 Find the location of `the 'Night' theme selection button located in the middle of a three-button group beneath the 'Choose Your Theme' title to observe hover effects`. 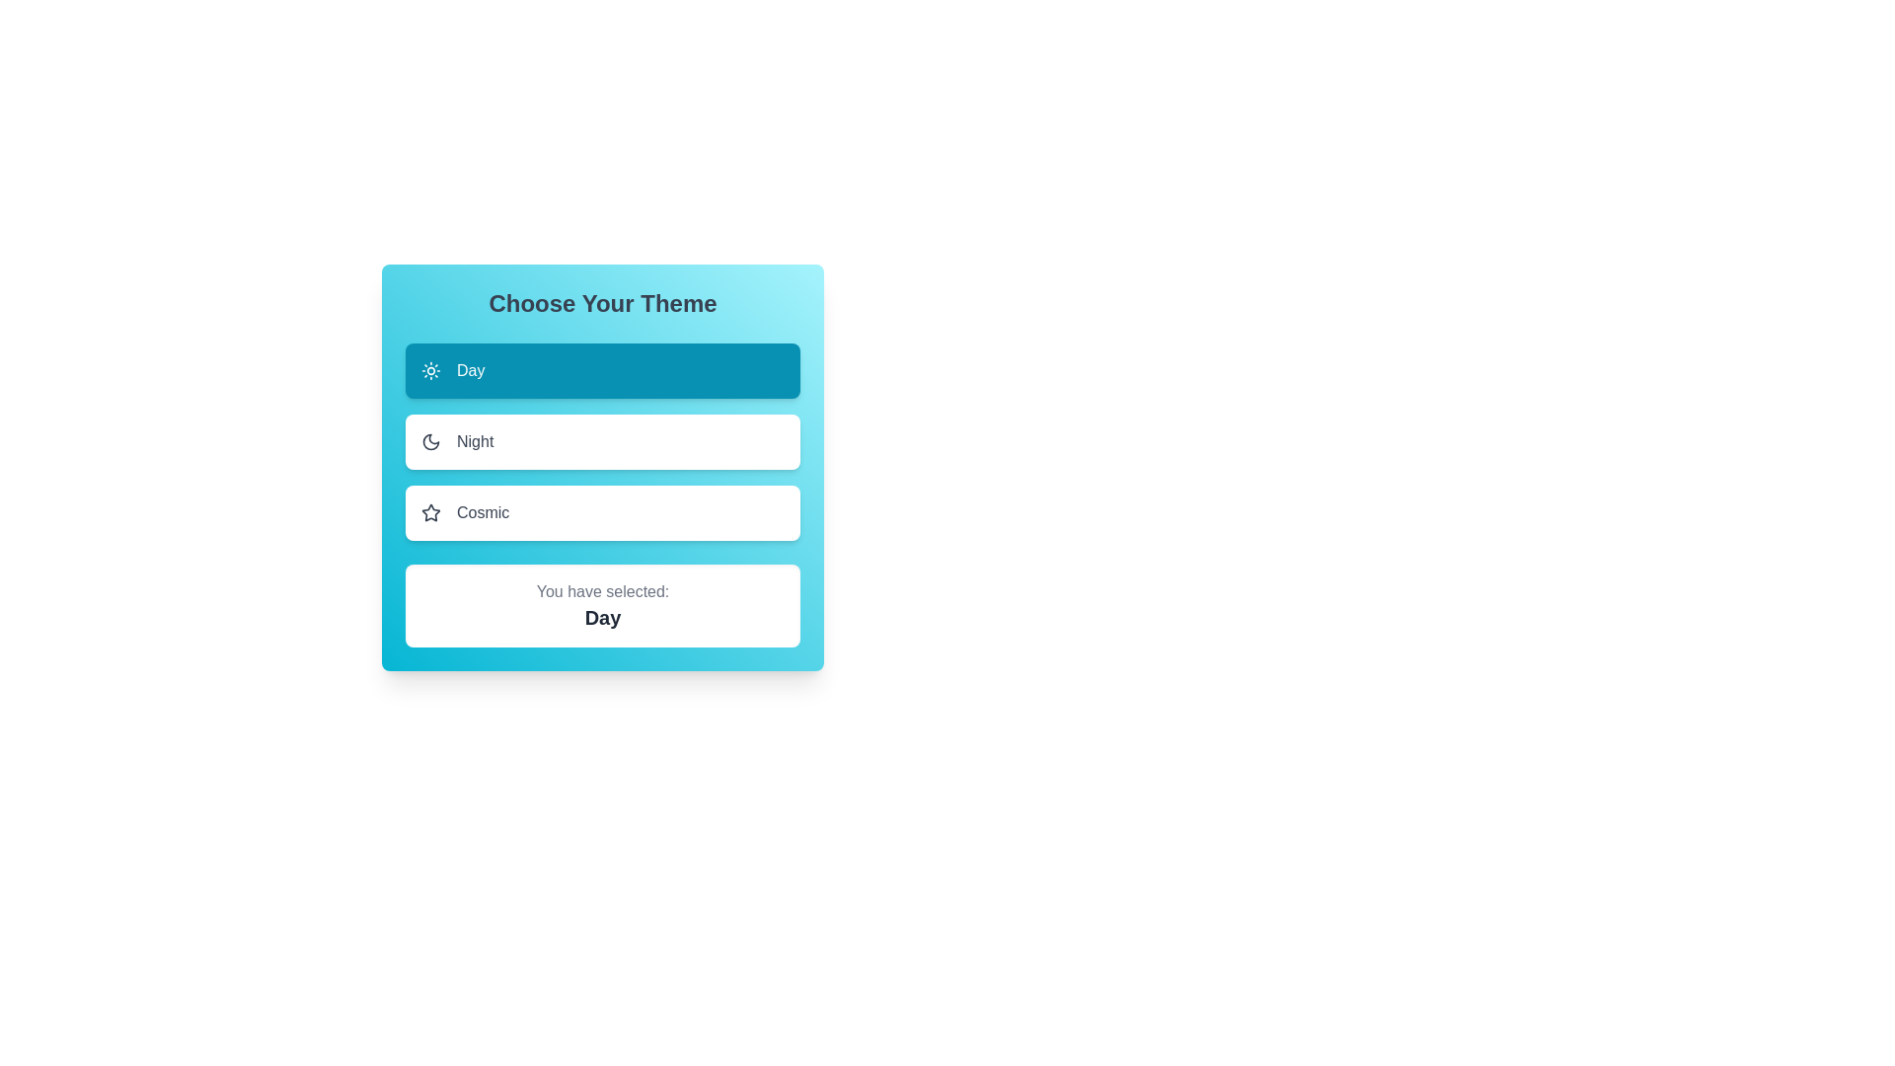

the 'Night' theme selection button located in the middle of a three-button group beneath the 'Choose Your Theme' title to observe hover effects is located at coordinates (601, 440).